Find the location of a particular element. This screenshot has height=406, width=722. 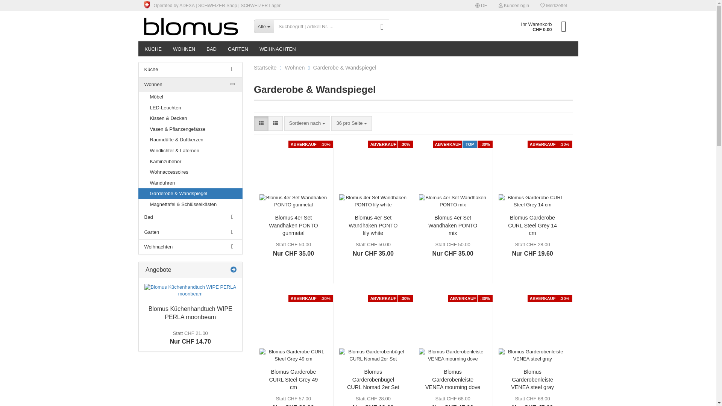

'Wanduhren' is located at coordinates (190, 183).